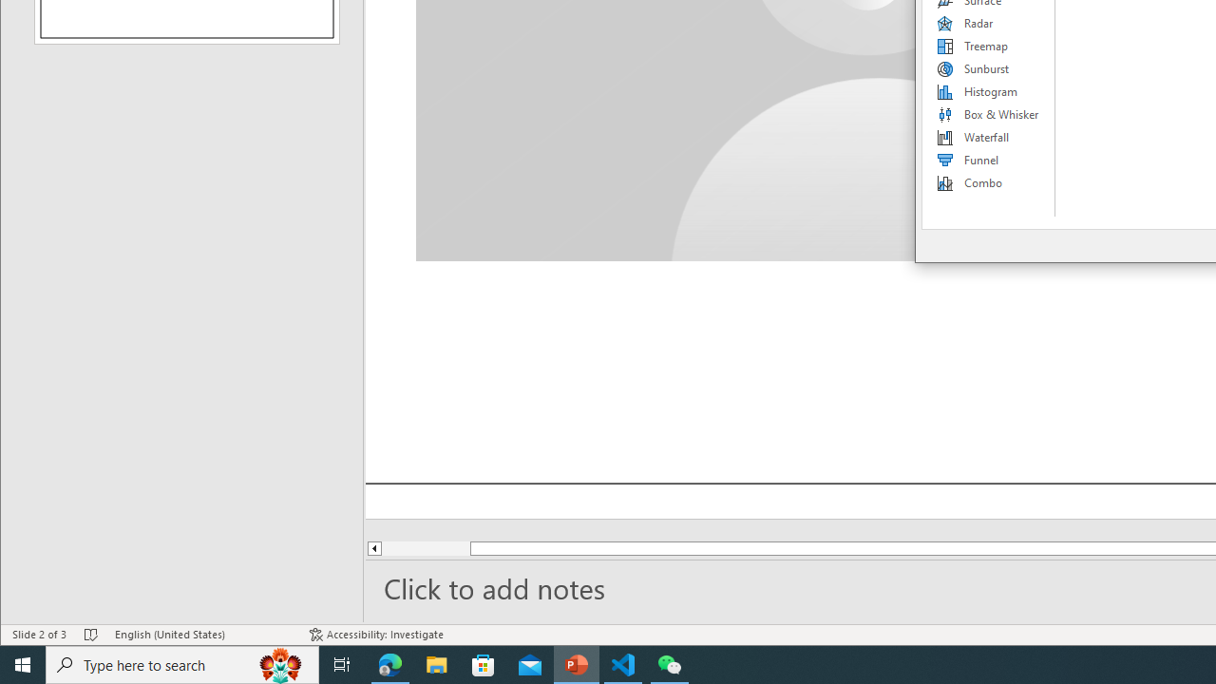  I want to click on 'File Explorer', so click(436, 663).